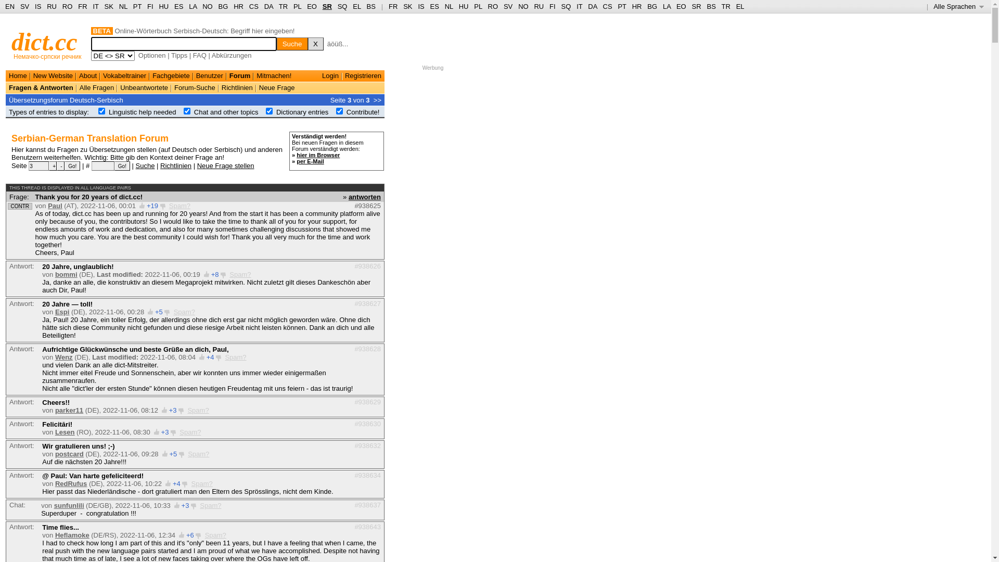  Describe the element at coordinates (421, 6) in the screenshot. I see `'IS'` at that location.